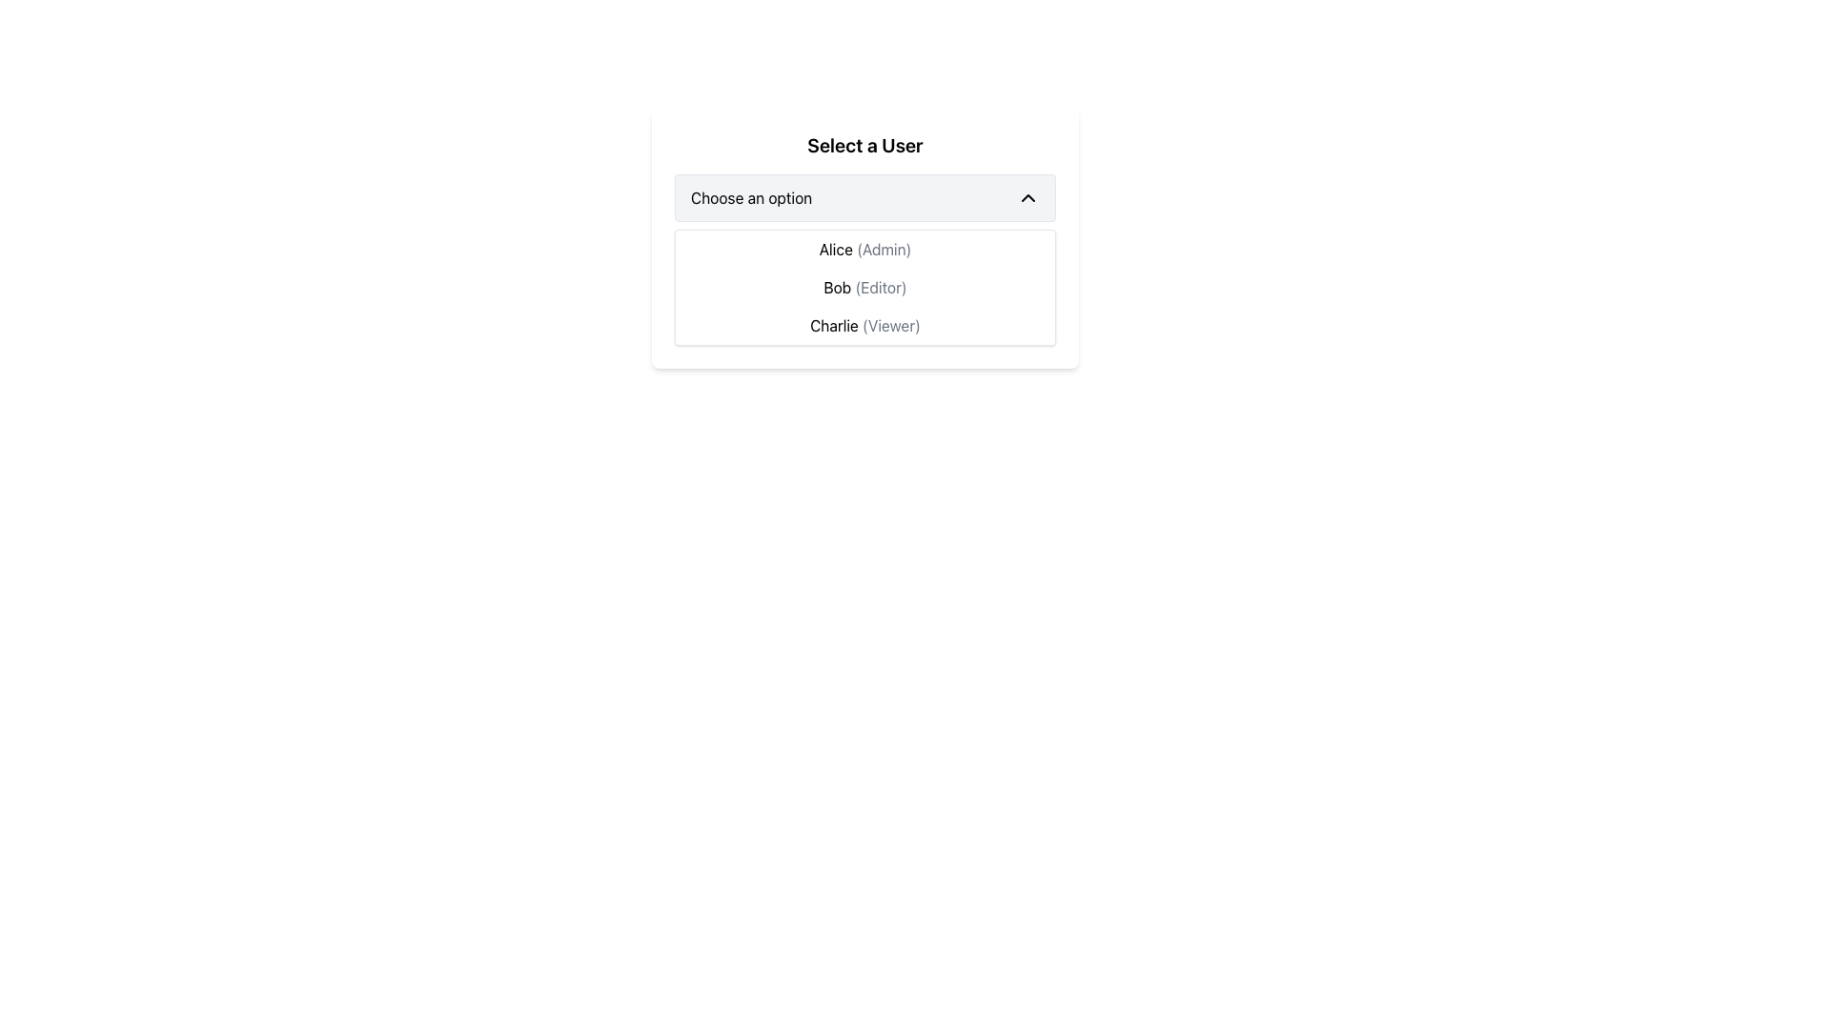 This screenshot has width=1830, height=1029. What do you see at coordinates (864, 198) in the screenshot?
I see `the Dropdown button located below the header text 'Select a User'` at bounding box center [864, 198].